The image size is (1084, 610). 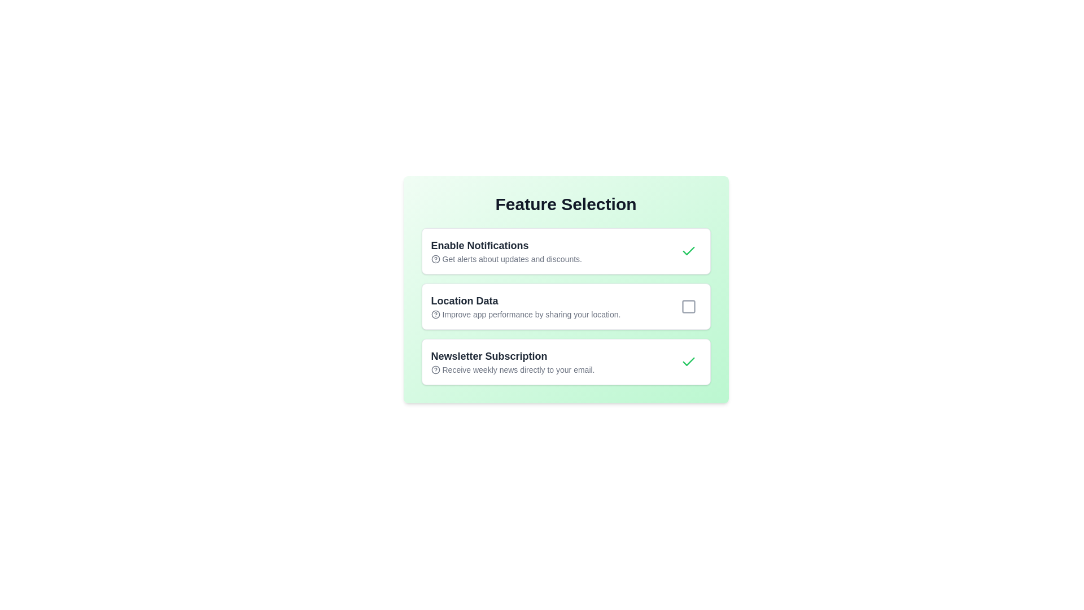 What do you see at coordinates (688, 250) in the screenshot?
I see `the checkmark icon in the lower-right corner of the 'Newsletter Subscription' item to interact with the option` at bounding box center [688, 250].